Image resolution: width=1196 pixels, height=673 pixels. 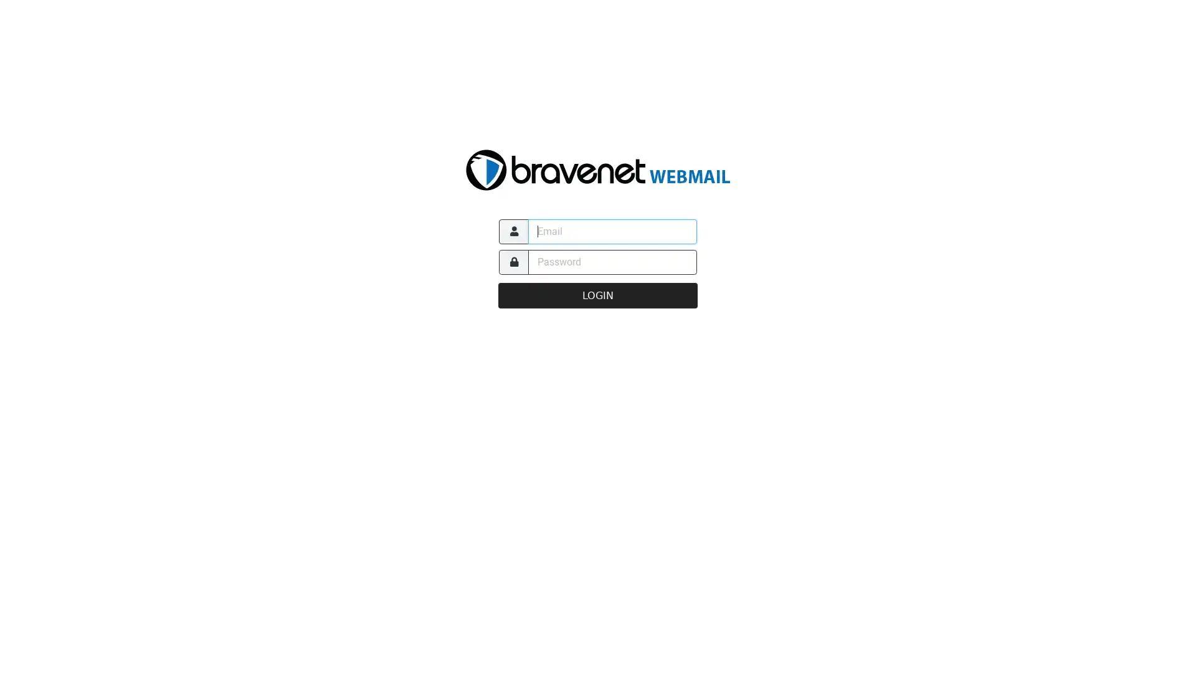 I want to click on LOGIN, so click(x=598, y=295).